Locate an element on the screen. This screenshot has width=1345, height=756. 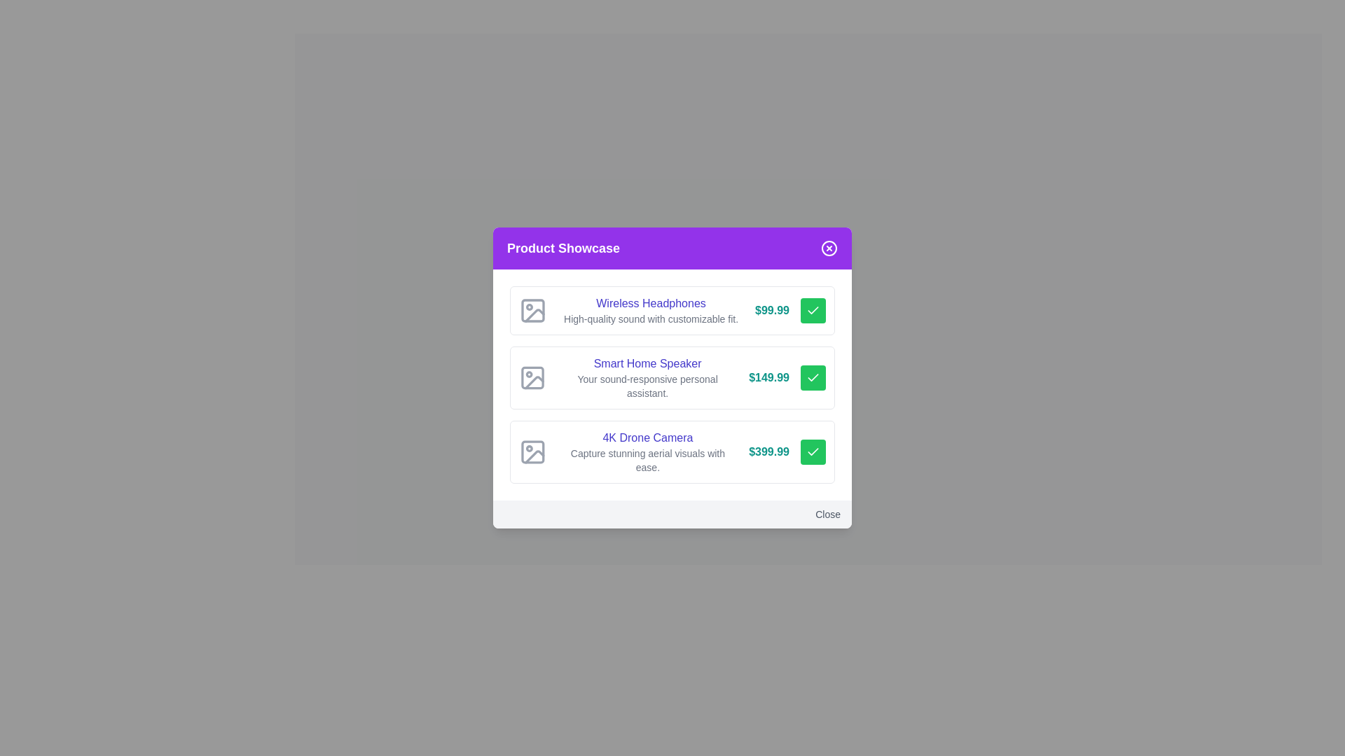
the Text Label that serves as the title or name of a product item, positioned above a descriptive text block and aligned with an image icon on the left and a price with a checkbox on the right is located at coordinates (647, 437).